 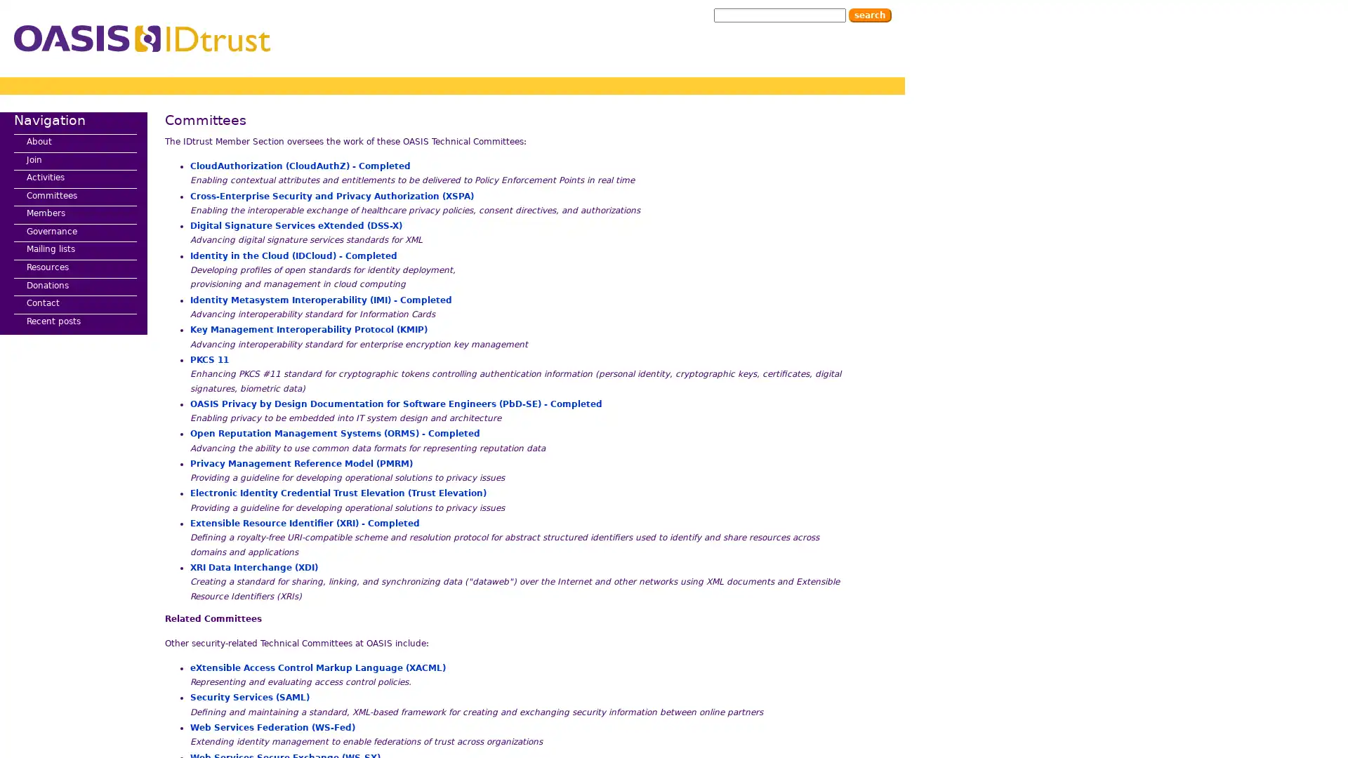 What do you see at coordinates (869, 15) in the screenshot?
I see `Search` at bounding box center [869, 15].